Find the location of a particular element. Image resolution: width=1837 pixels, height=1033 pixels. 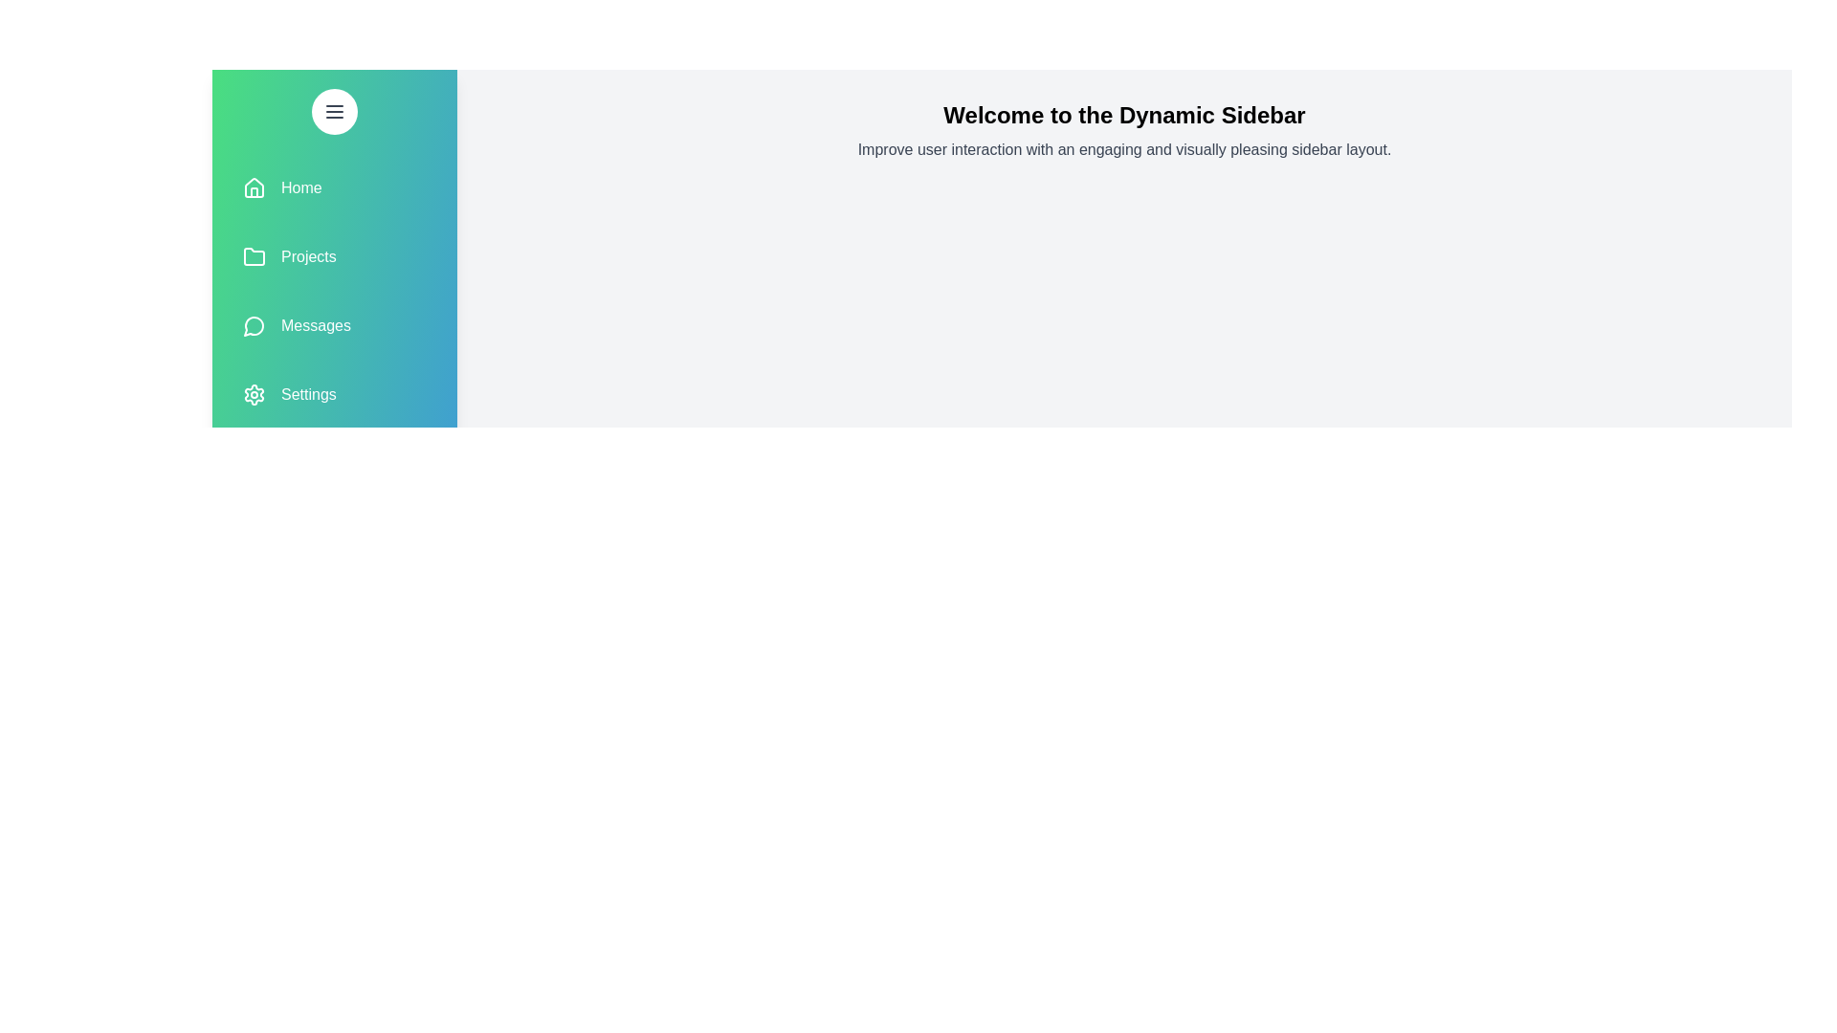

the sidebar menu item Home is located at coordinates (335, 187).